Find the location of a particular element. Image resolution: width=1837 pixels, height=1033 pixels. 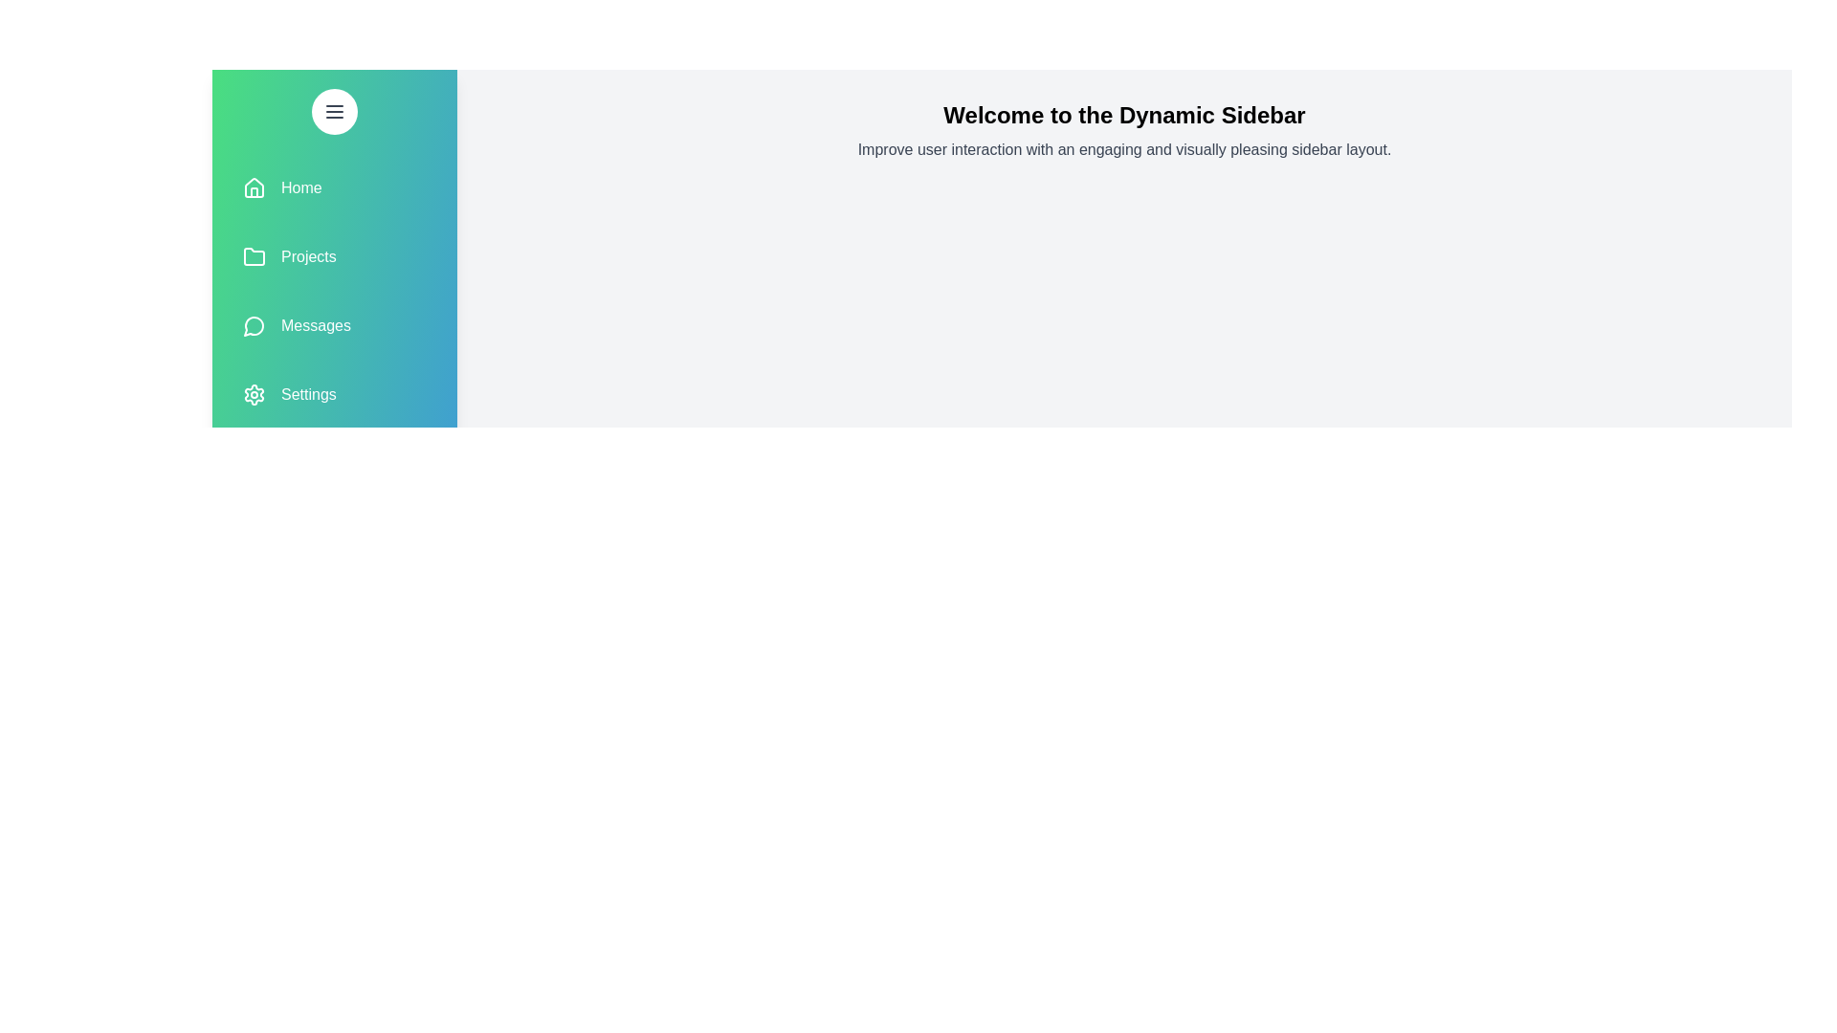

the sidebar menu item Home is located at coordinates (335, 187).